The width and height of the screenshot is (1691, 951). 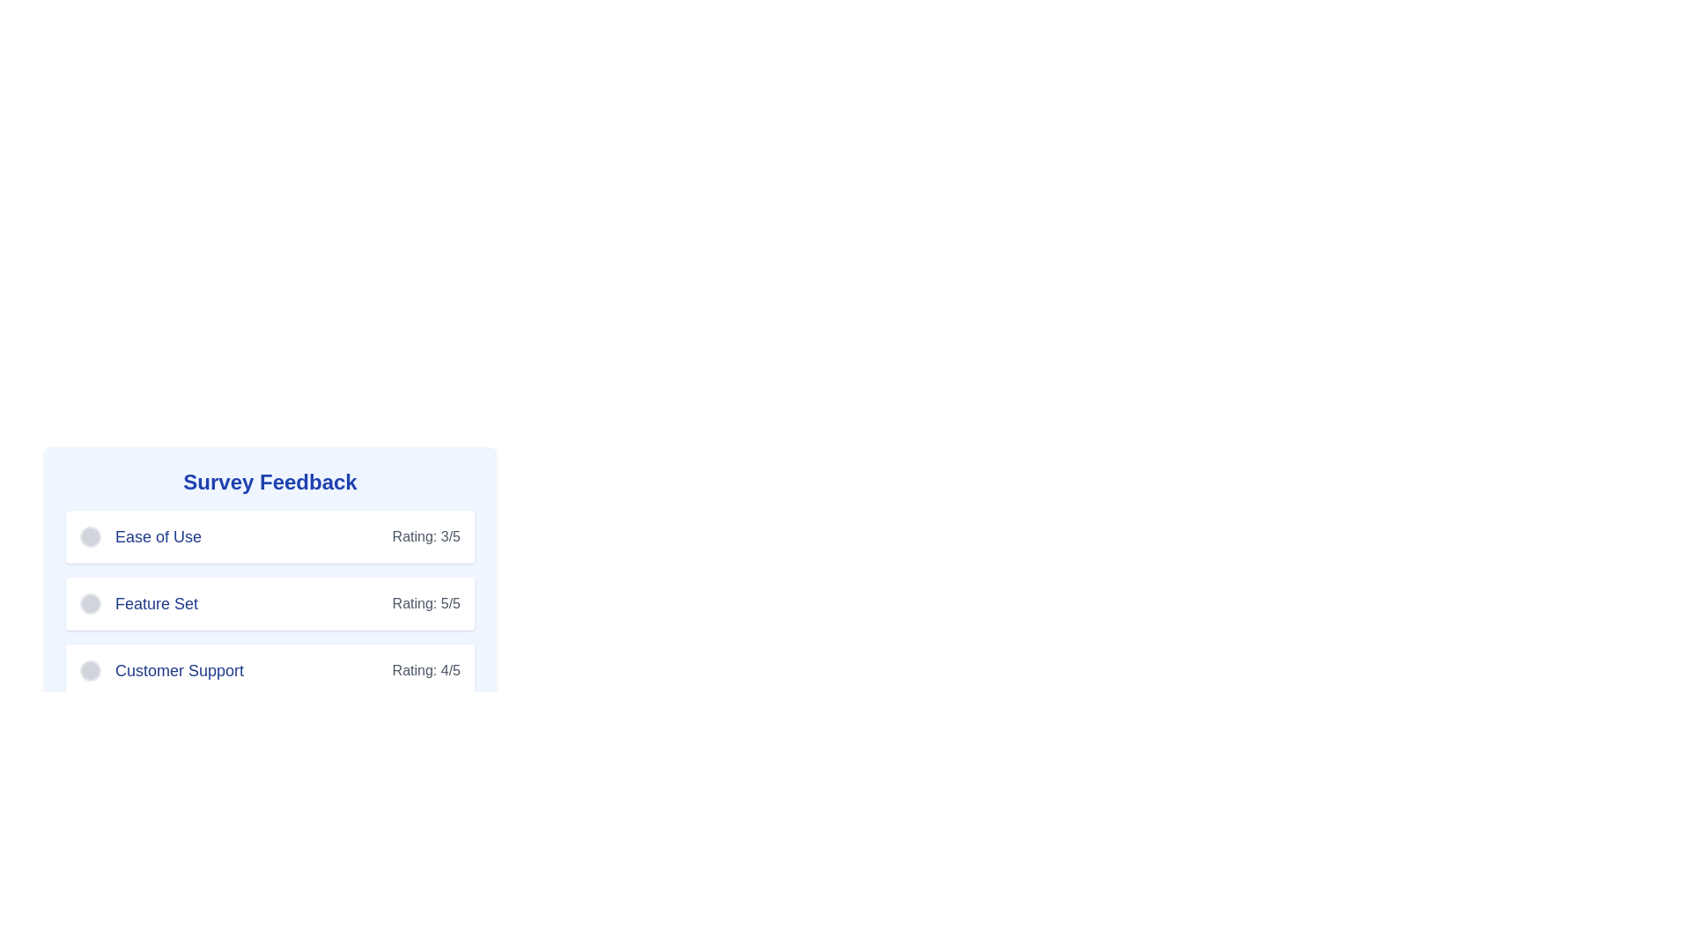 What do you see at coordinates (89, 671) in the screenshot?
I see `the circular radio button for 'Customer Support' located in the 'Survey Feedback' section` at bounding box center [89, 671].